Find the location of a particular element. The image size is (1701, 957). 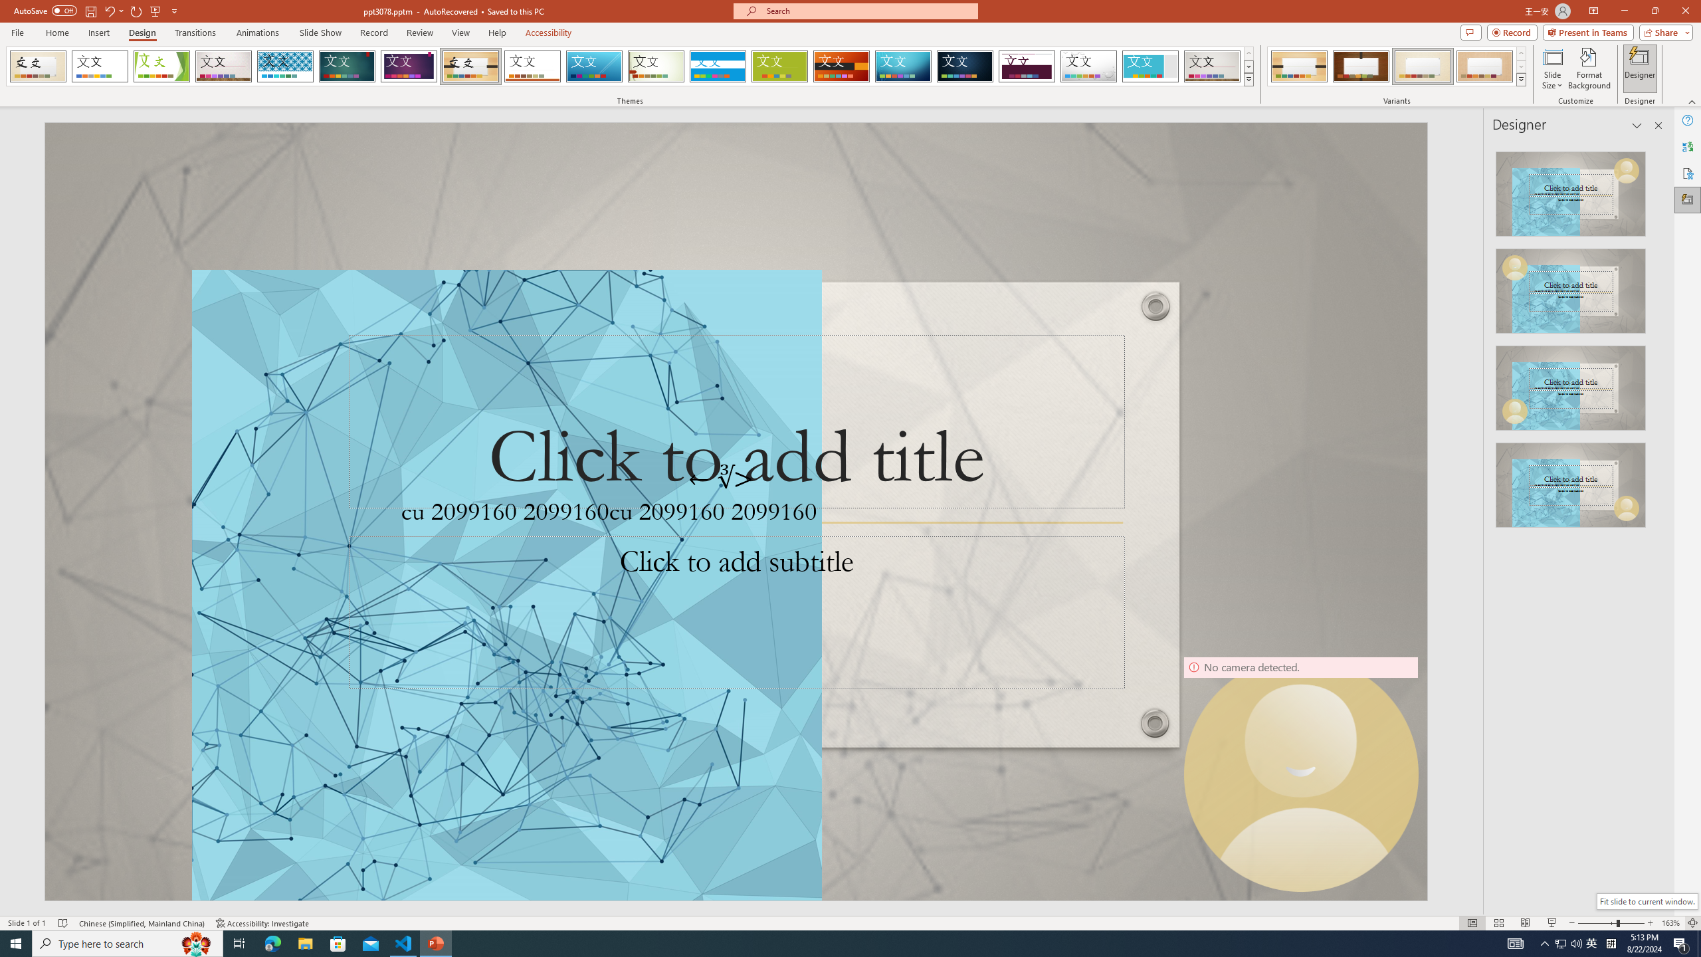

'Title TextBox' is located at coordinates (736, 421).